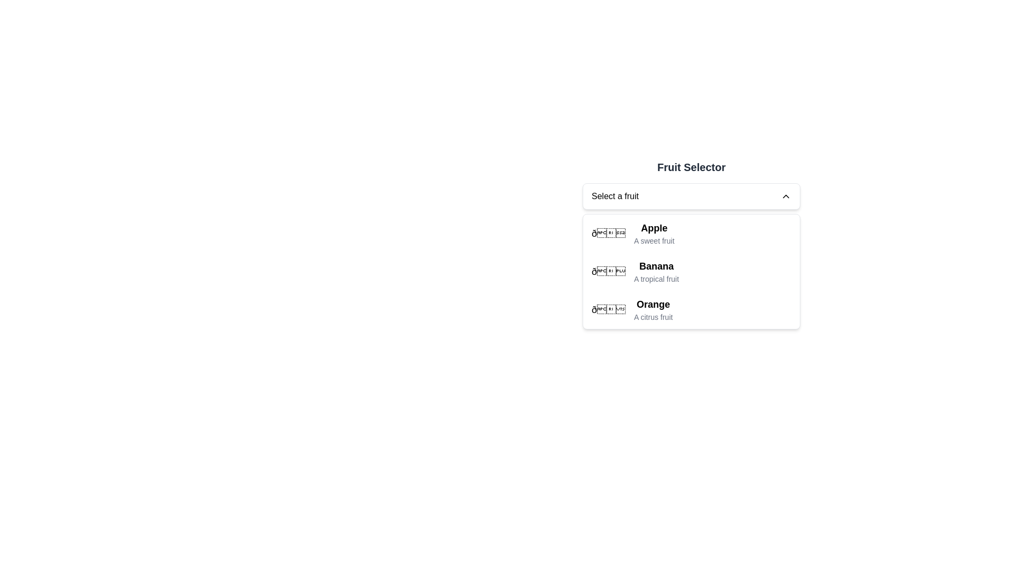  I want to click on the text label that indicates the purpose of the dropdown menu for selecting a fruit, so click(615, 196).